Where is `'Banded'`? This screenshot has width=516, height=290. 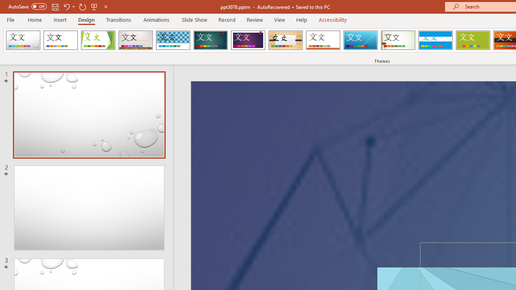 'Banded' is located at coordinates (435, 40).